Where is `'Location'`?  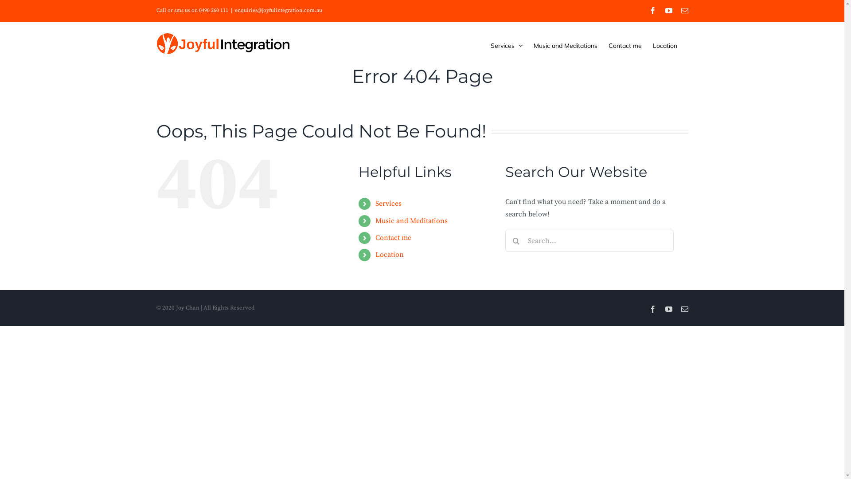
'Location' is located at coordinates (652, 45).